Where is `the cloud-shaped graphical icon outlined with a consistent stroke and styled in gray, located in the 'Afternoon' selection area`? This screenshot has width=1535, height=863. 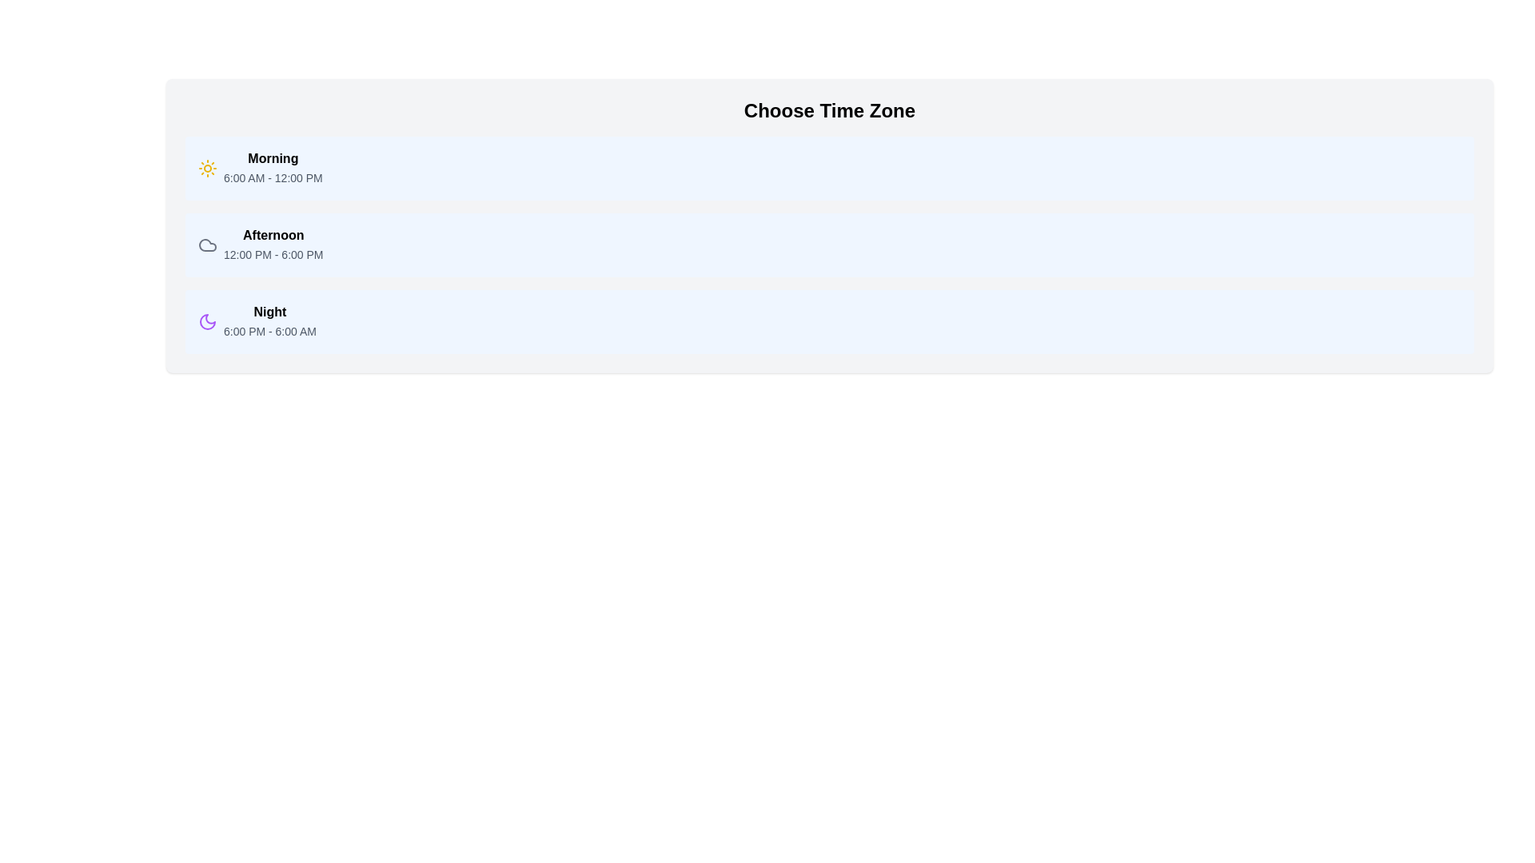 the cloud-shaped graphical icon outlined with a consistent stroke and styled in gray, located in the 'Afternoon' selection area is located at coordinates (206, 245).